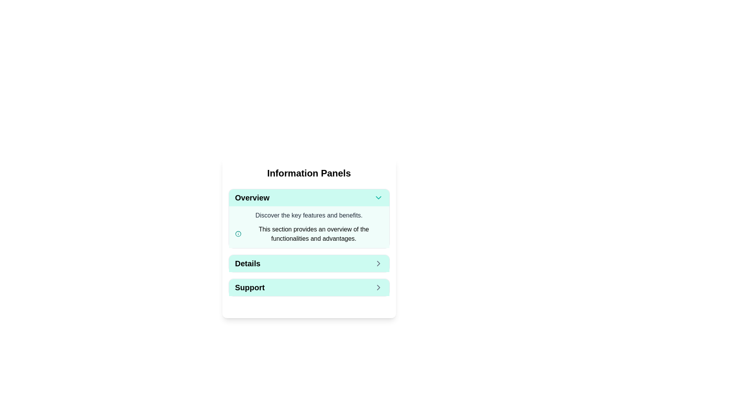 The width and height of the screenshot is (744, 418). I want to click on the teal-colored circular icon with an outlined design that precedes the text 'This section provides an overview of the functionalities and advantages.', so click(238, 234).